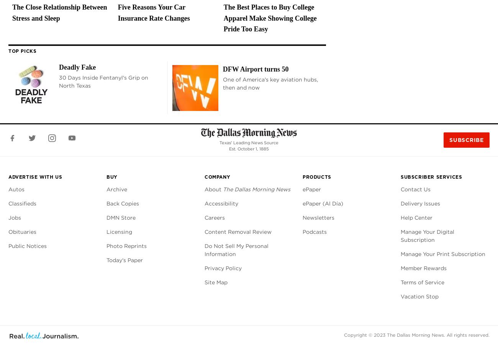 This screenshot has width=498, height=344. I want to click on 'The Best Places to Buy College Apparel Make Showing College Pride Too Easy', so click(223, 18).